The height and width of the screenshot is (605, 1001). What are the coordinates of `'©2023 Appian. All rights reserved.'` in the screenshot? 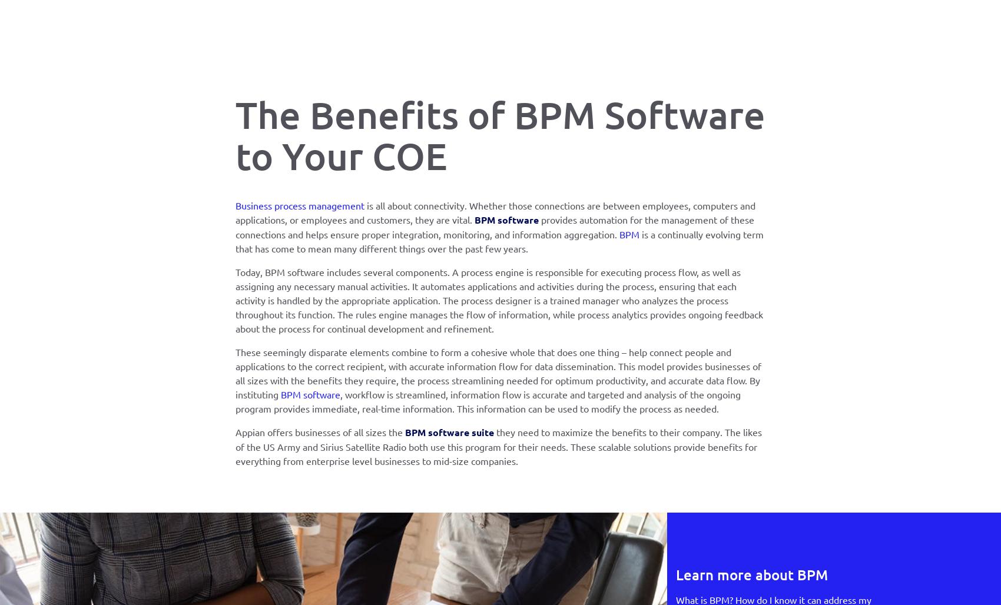 It's located at (211, 451).